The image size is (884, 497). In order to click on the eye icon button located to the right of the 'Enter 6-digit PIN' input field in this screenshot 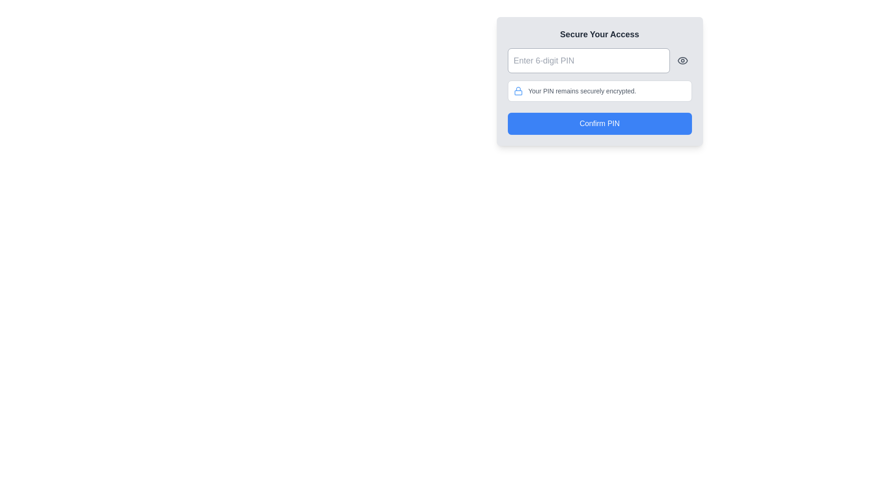, I will do `click(682, 60)`.